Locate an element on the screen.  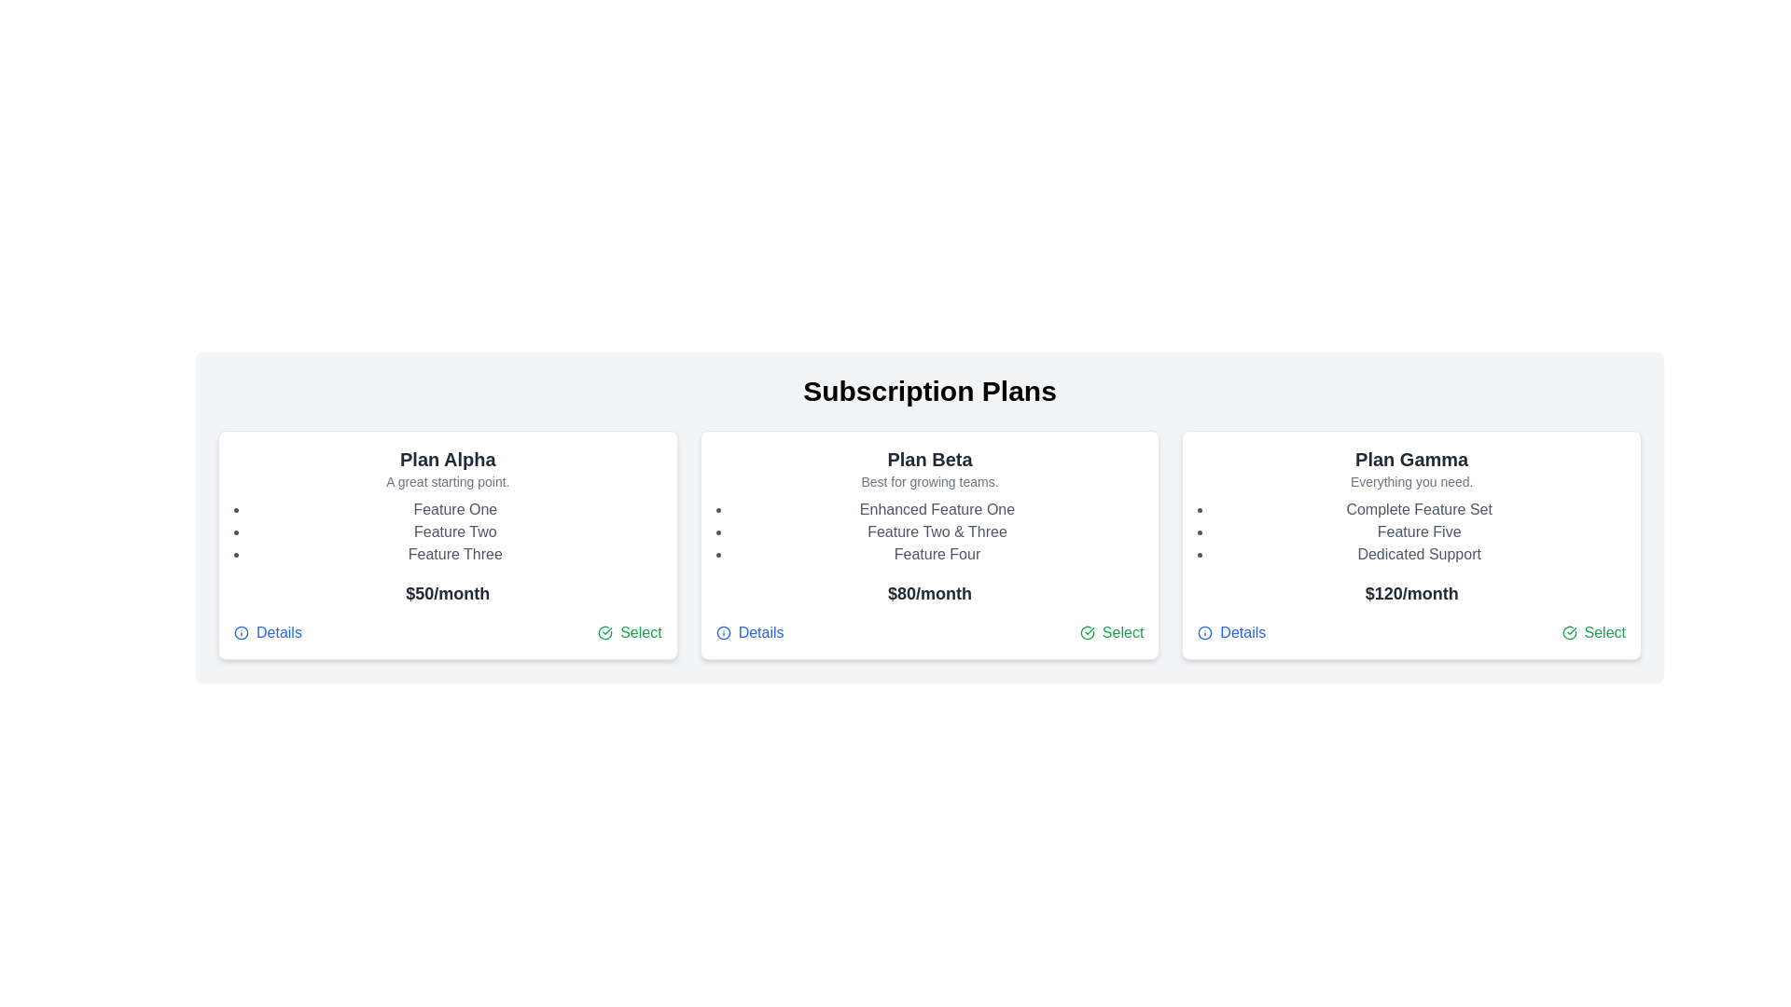
the text label displaying 'Feature One', which is the first item in a vertical bullet-point list within the 'Plan Alpha' section is located at coordinates (455, 510).